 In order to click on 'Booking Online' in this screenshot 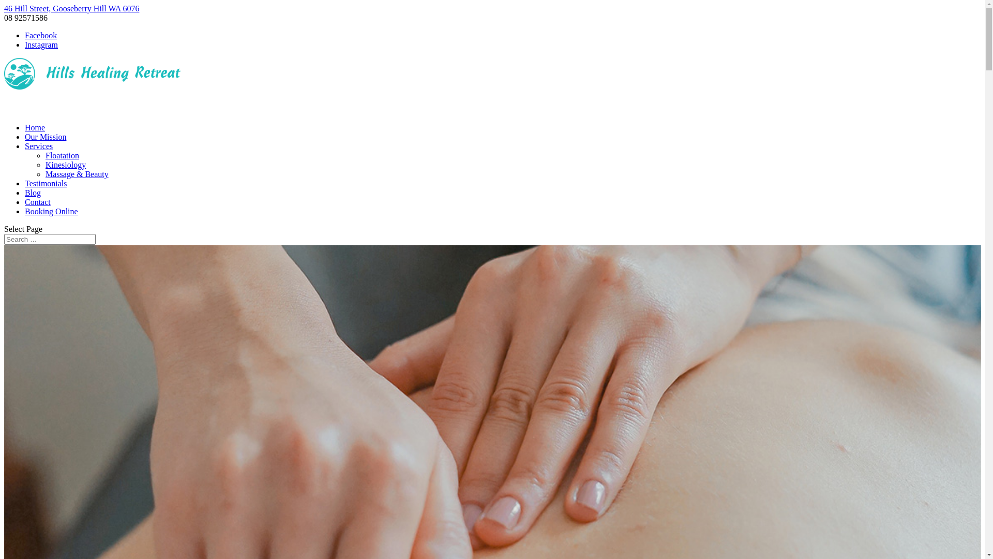, I will do `click(51, 216)`.